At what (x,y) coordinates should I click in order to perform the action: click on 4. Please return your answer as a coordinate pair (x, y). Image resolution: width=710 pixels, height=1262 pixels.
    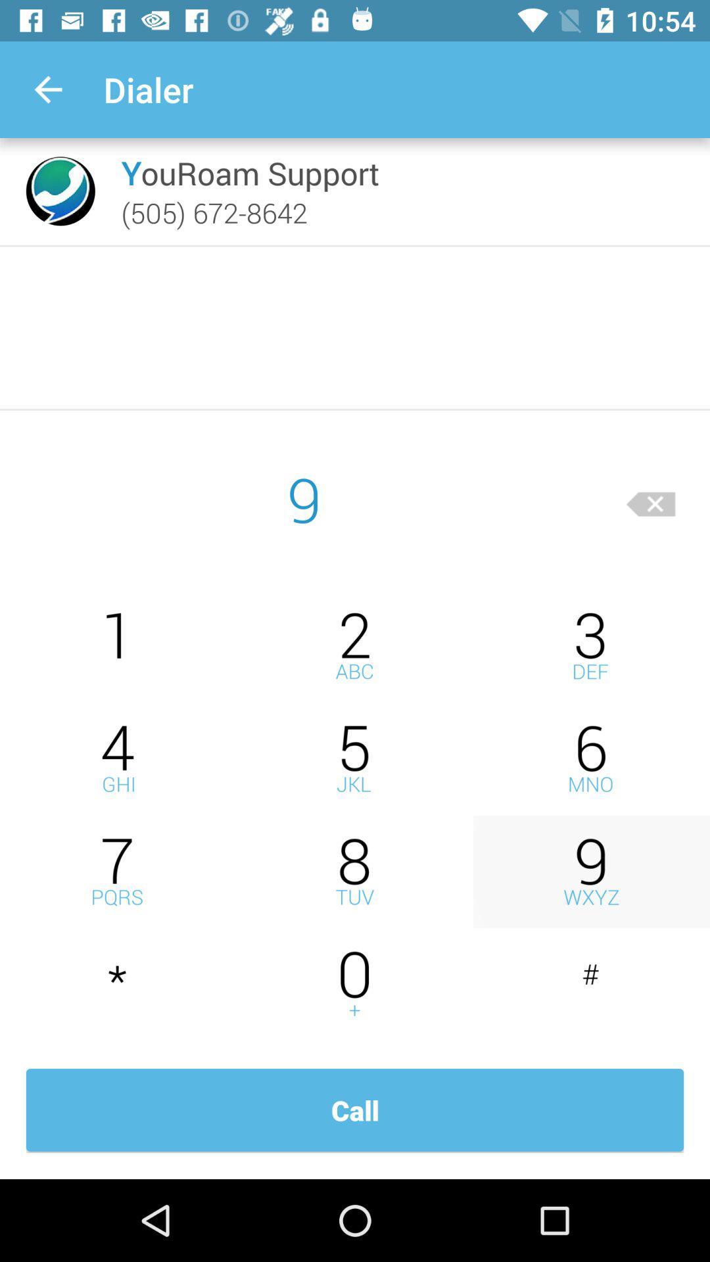
    Looking at the image, I should click on (118, 759).